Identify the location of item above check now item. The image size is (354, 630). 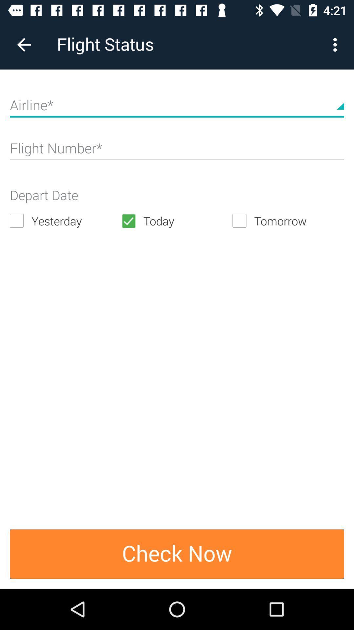
(176, 221).